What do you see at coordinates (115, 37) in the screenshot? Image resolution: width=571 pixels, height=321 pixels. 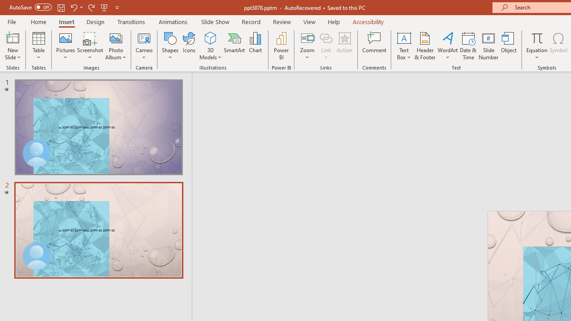 I see `'New Photo Album...'` at bounding box center [115, 37].